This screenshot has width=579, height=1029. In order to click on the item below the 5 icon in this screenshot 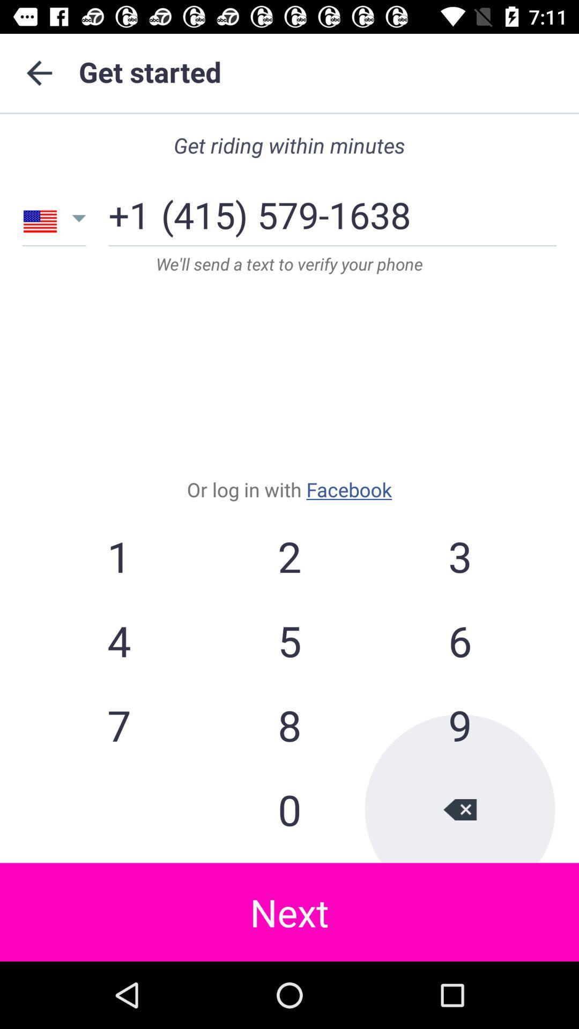, I will do `click(459, 725)`.